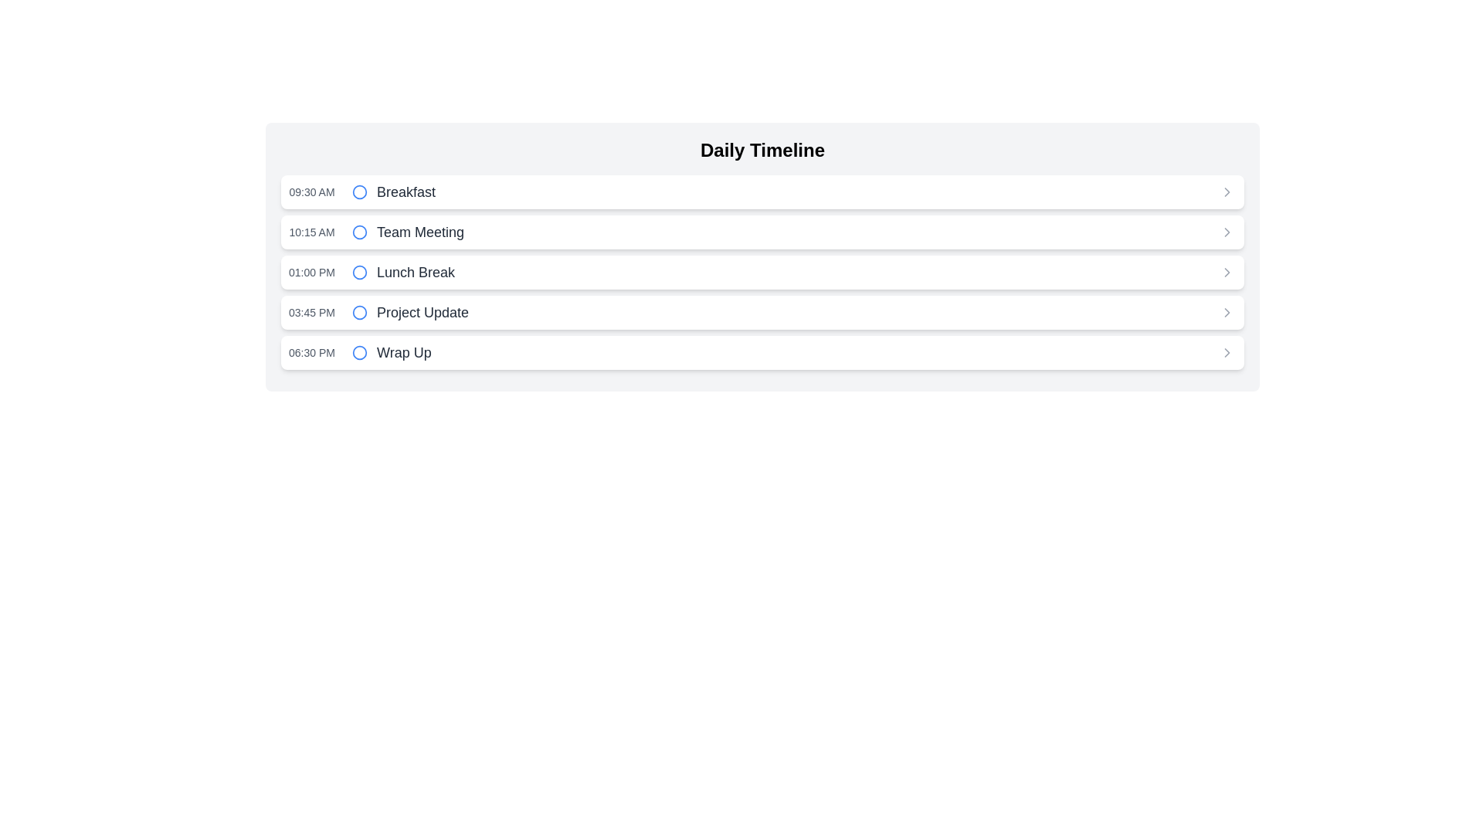  I want to click on the clickable icon or button located at the right side of the 'Wrap Up' section, so click(1226, 352).